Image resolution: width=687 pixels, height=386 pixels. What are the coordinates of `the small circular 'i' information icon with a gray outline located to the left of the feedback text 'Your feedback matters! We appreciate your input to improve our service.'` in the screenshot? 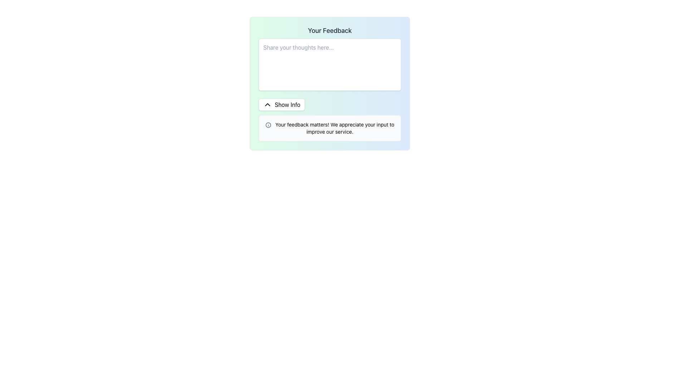 It's located at (268, 125).